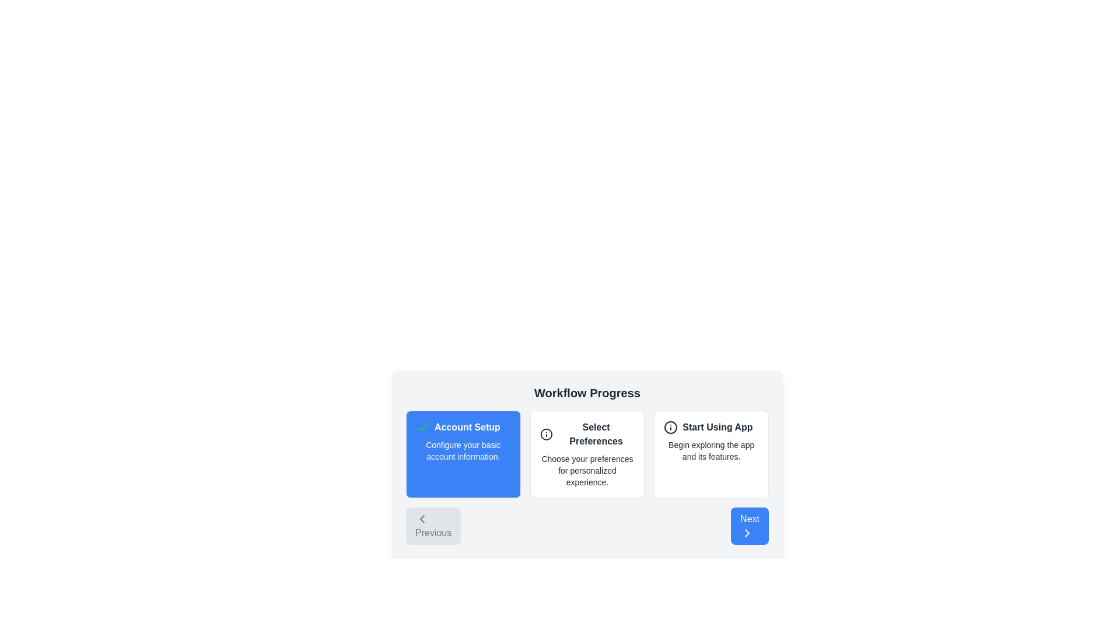 The width and height of the screenshot is (1120, 630). Describe the element at coordinates (587, 470) in the screenshot. I see `the text label displaying 'Choose your preferences for personalized experience.' which is located below the heading 'Select Preferences.'` at that location.